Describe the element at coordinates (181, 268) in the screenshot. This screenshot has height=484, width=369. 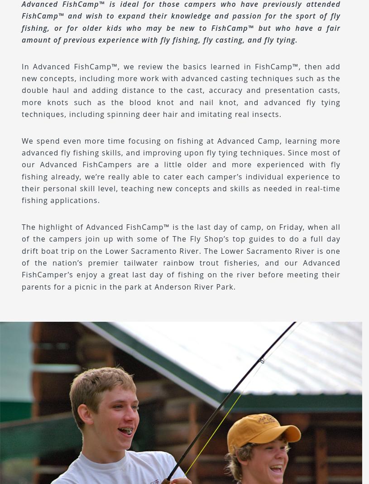
I see `'is one of the nation’s premier tailwater rainbow trout fisheries, and our Advanced FishCamper’s enjoy a great last day of fishing on the river before meeting their parents for a picnic in the park at Anderson River Park.'` at that location.